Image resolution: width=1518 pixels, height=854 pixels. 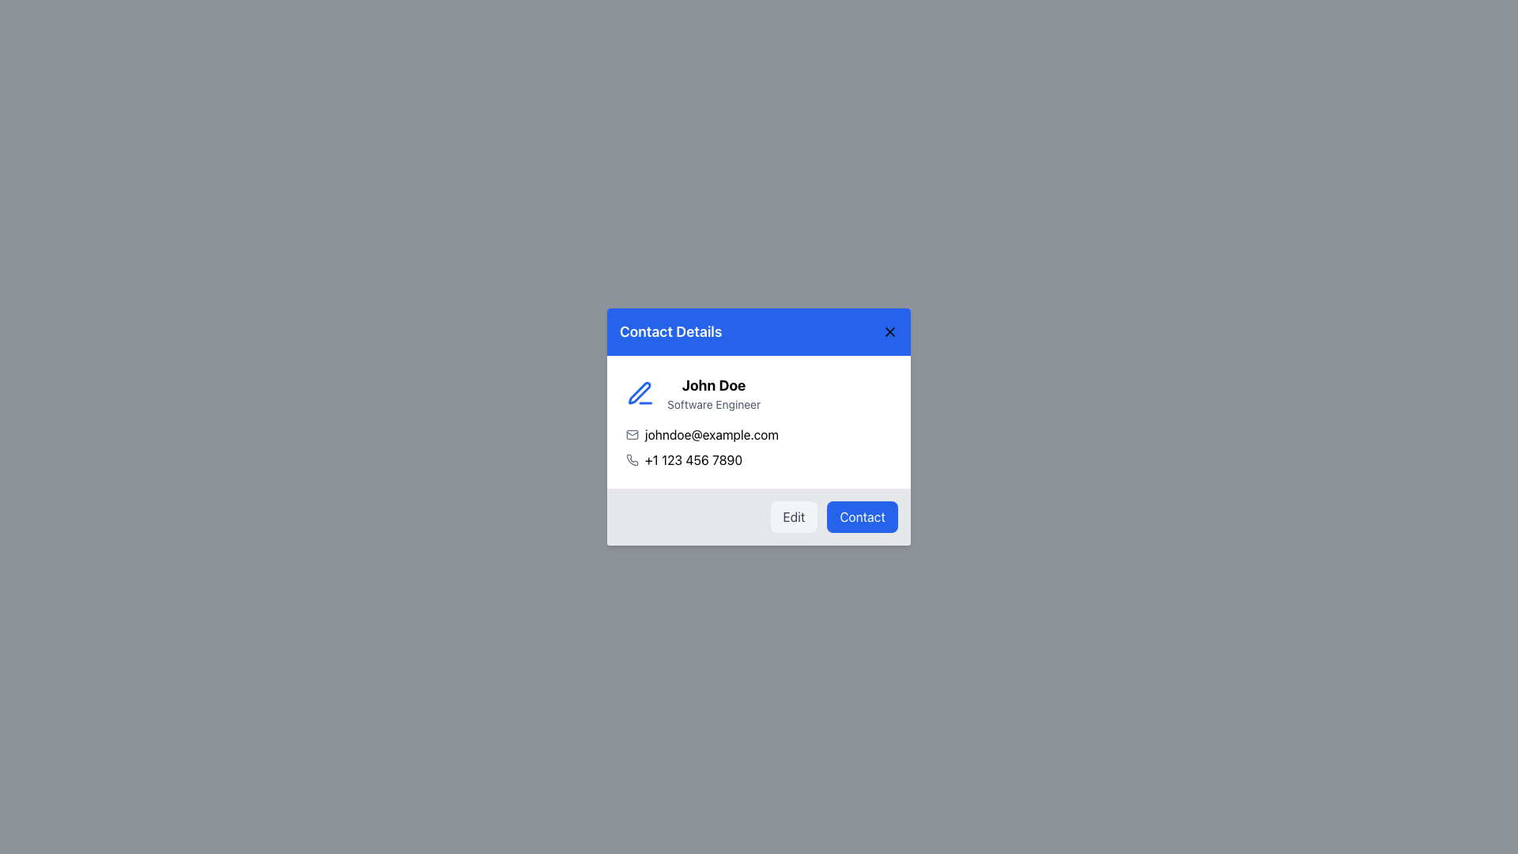 I want to click on the email display element showing 'johndoe@example.com' to trigger the tooltip, so click(x=759, y=435).